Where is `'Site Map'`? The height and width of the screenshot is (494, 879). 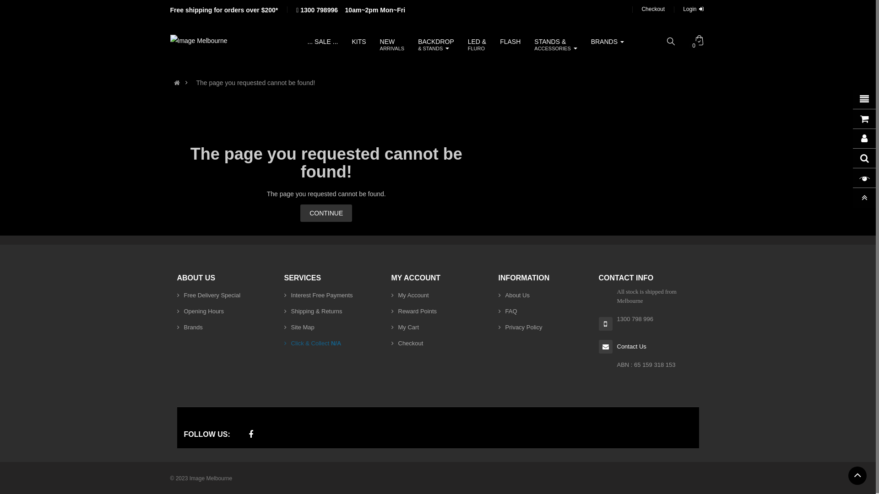
'Site Map' is located at coordinates (298, 327).